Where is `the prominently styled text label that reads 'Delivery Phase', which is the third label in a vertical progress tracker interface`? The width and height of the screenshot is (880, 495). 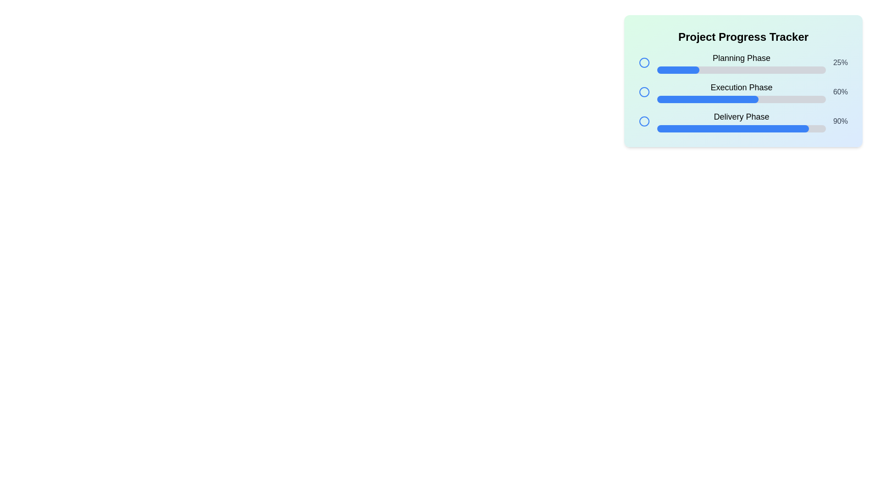
the prominently styled text label that reads 'Delivery Phase', which is the third label in a vertical progress tracker interface is located at coordinates (741, 116).